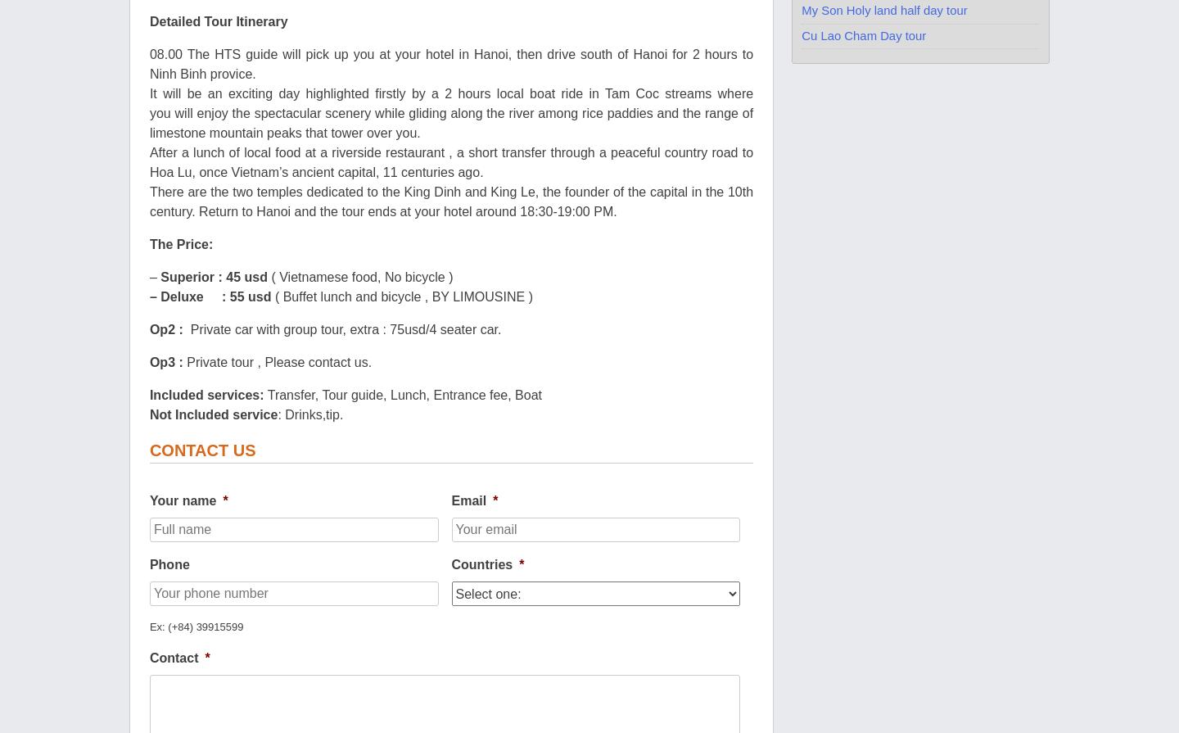 The width and height of the screenshot is (1179, 733). I want to click on 'Transfer, Tour guide, Lunch, Entrance fee, Boat', so click(402, 394).